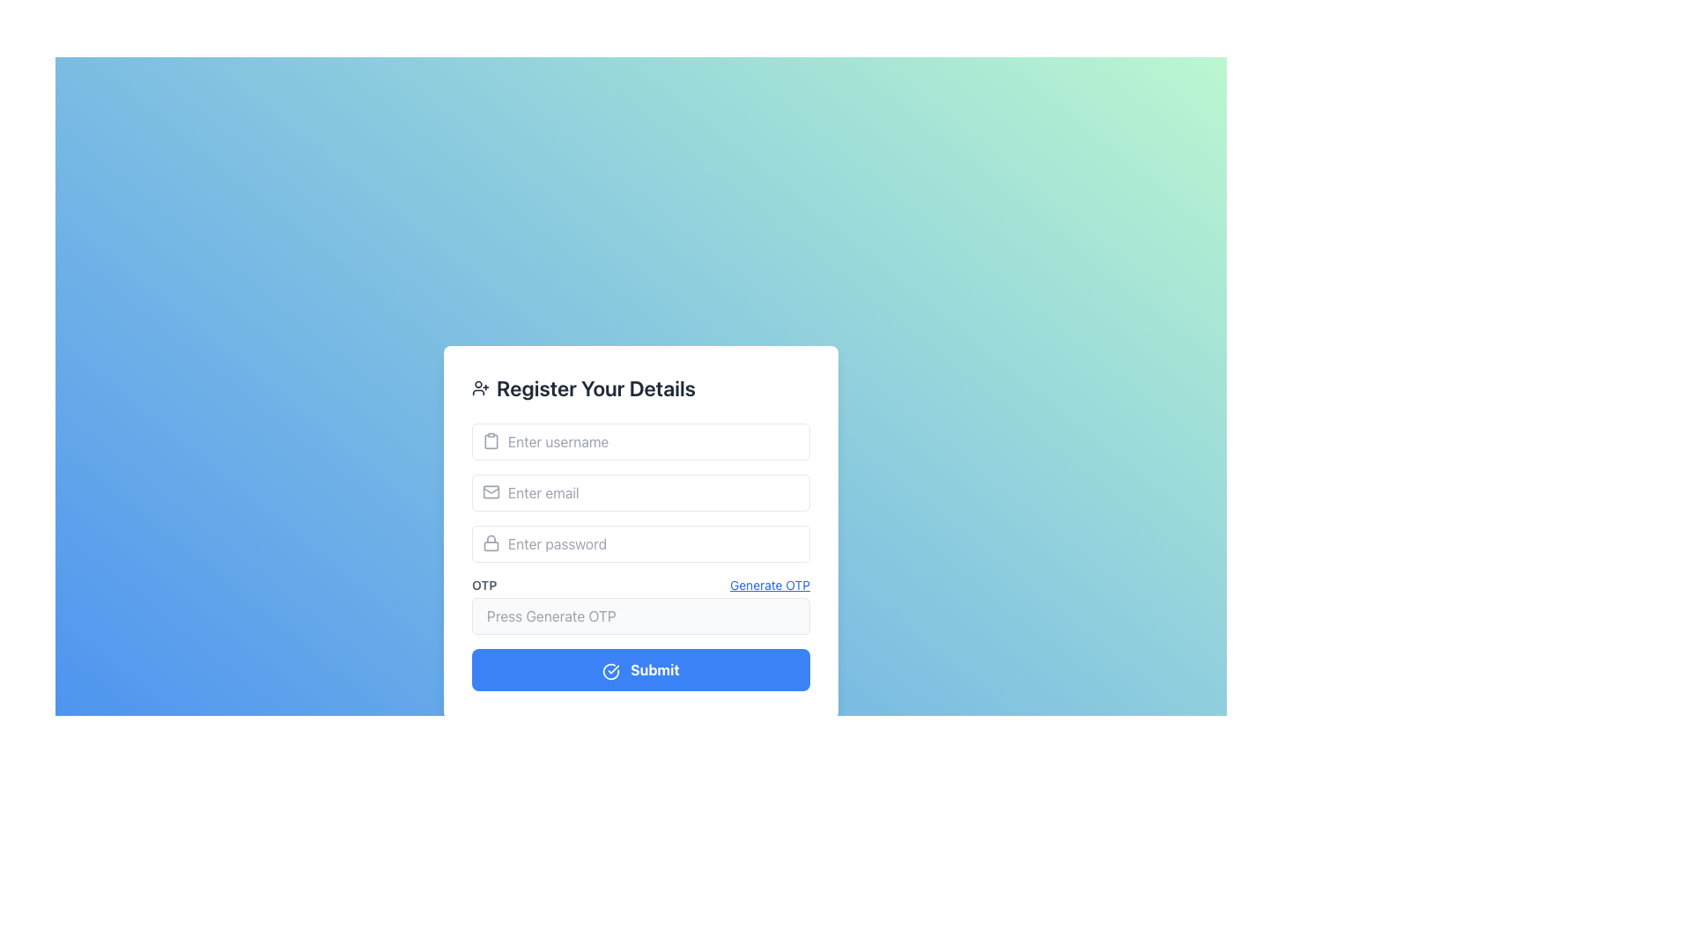 This screenshot has width=1691, height=951. What do you see at coordinates (484, 585) in the screenshot?
I see `the 'OTP' text label, which is styled in a smaller font size with bold formatting and gray coloring, located on the left side of the horizontal section containing the 'Generate OTP' link` at bounding box center [484, 585].